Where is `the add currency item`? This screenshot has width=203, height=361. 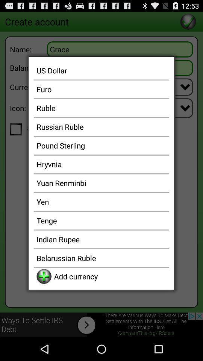 the add currency item is located at coordinates (110, 276).